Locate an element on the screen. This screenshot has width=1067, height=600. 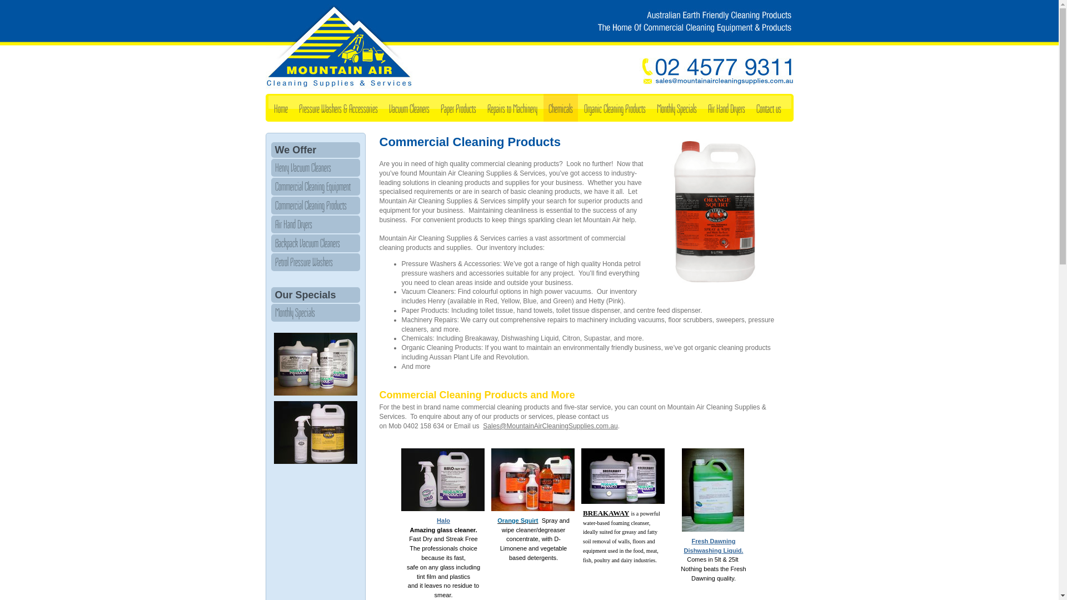
'Repairs to Machinery' is located at coordinates (511, 107).